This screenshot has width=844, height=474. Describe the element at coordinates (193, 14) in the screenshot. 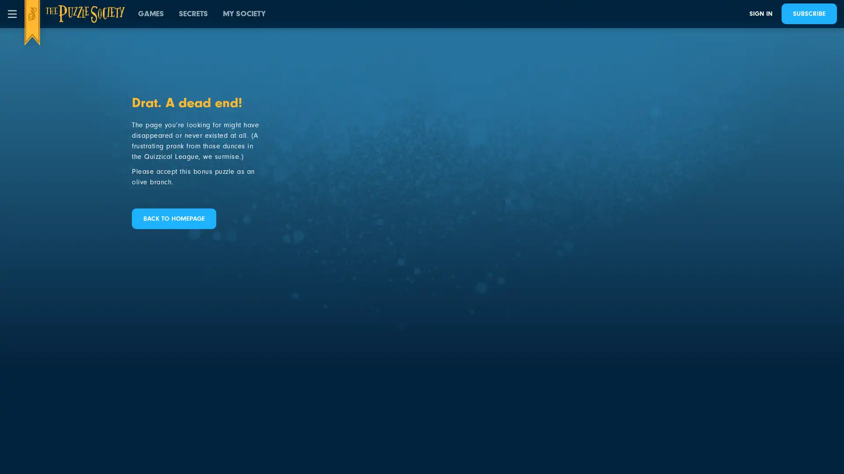

I see `SECRETS` at that location.